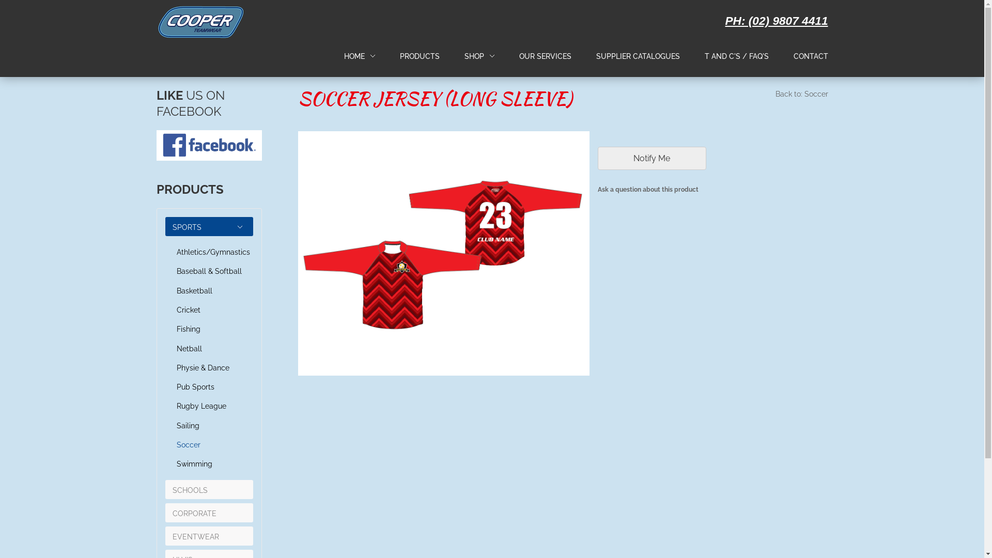 This screenshot has width=992, height=558. What do you see at coordinates (596, 56) in the screenshot?
I see `'SUPPLIER CATALOGUES'` at bounding box center [596, 56].